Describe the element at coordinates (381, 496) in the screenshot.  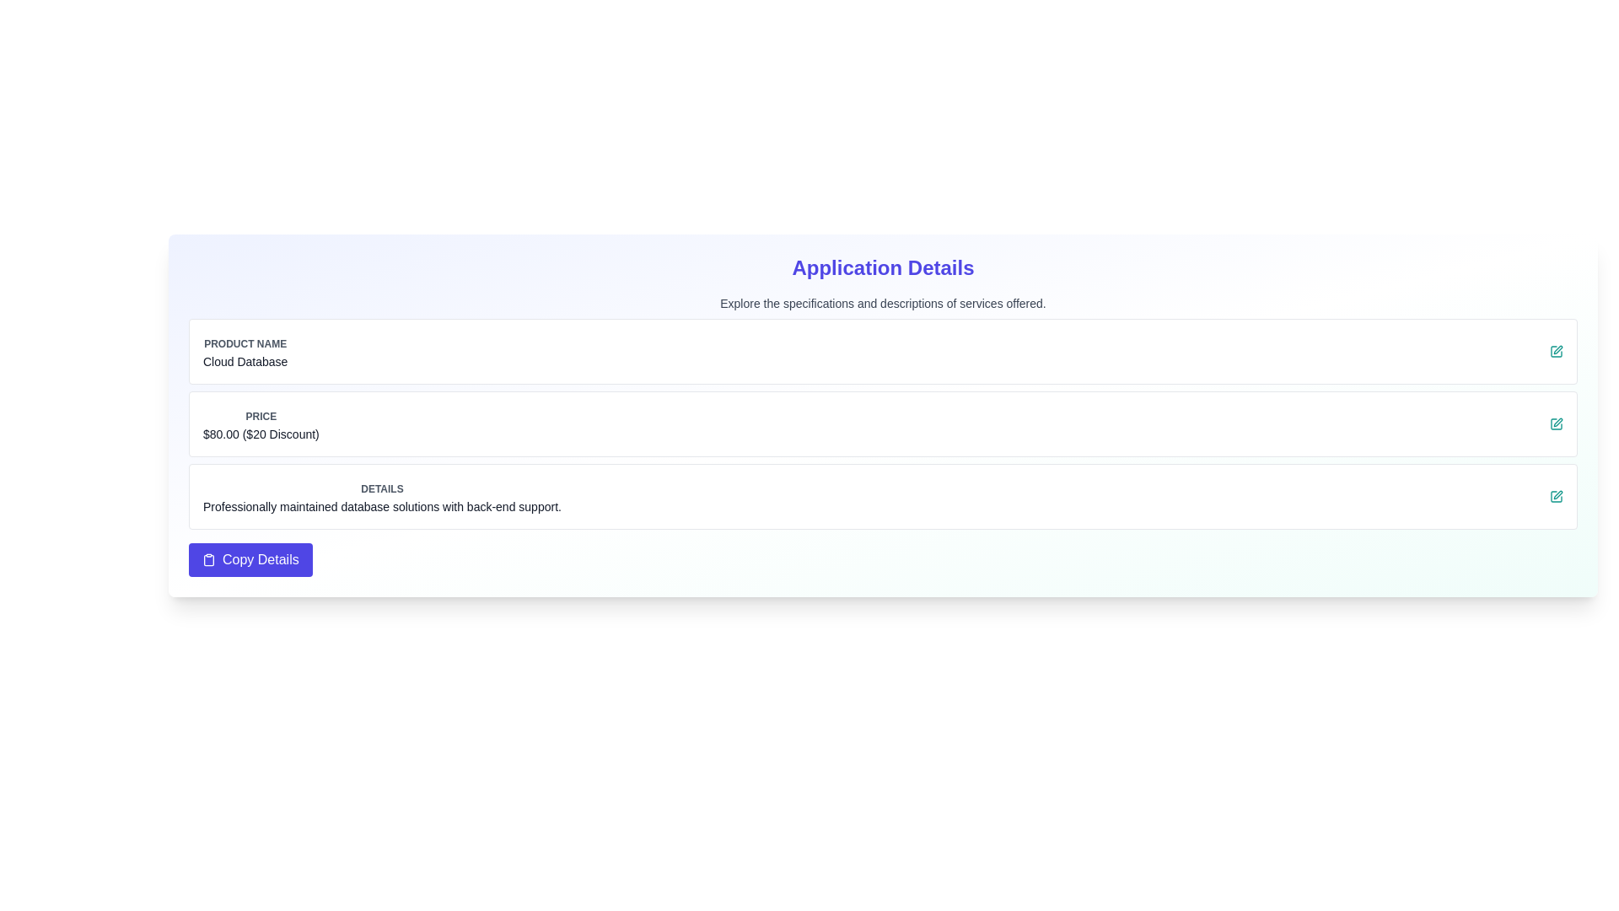
I see `the text block titled 'Details' that describes 'Professionally maintained database solutions with back-end support.'` at that location.